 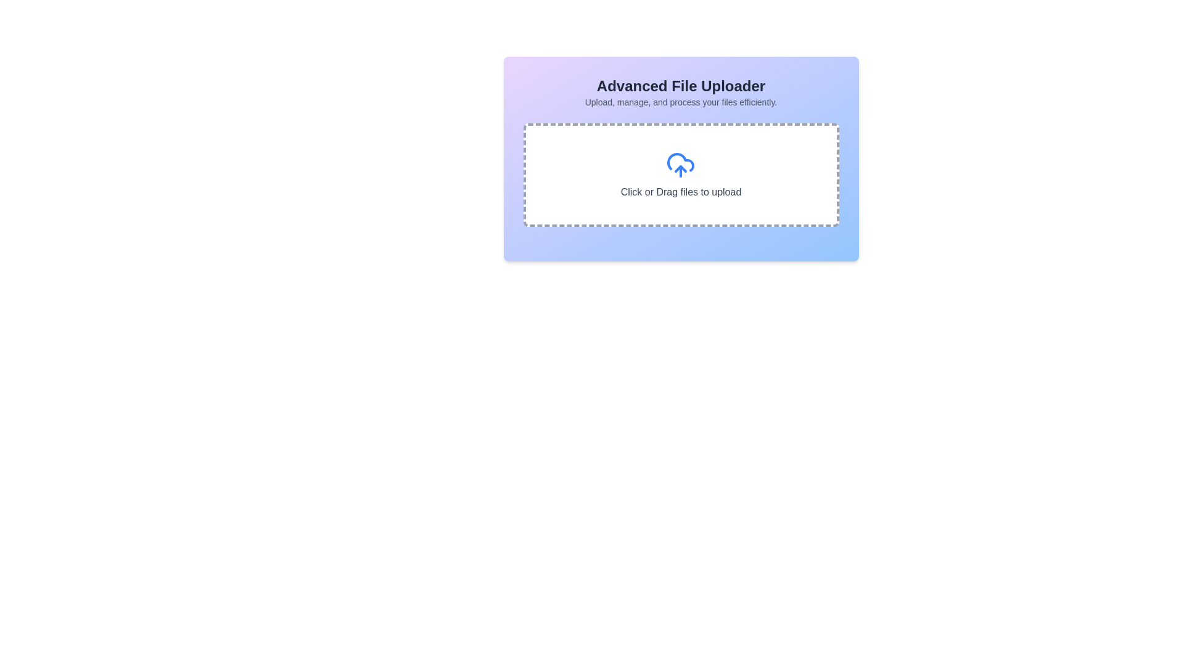 I want to click on the File upload zone located under the 'Advanced File Uploader' header, so click(x=680, y=175).